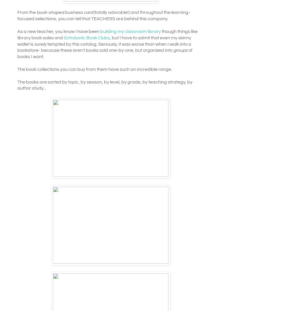  What do you see at coordinates (40, 44) in the screenshot?
I see `'sorely'` at bounding box center [40, 44].